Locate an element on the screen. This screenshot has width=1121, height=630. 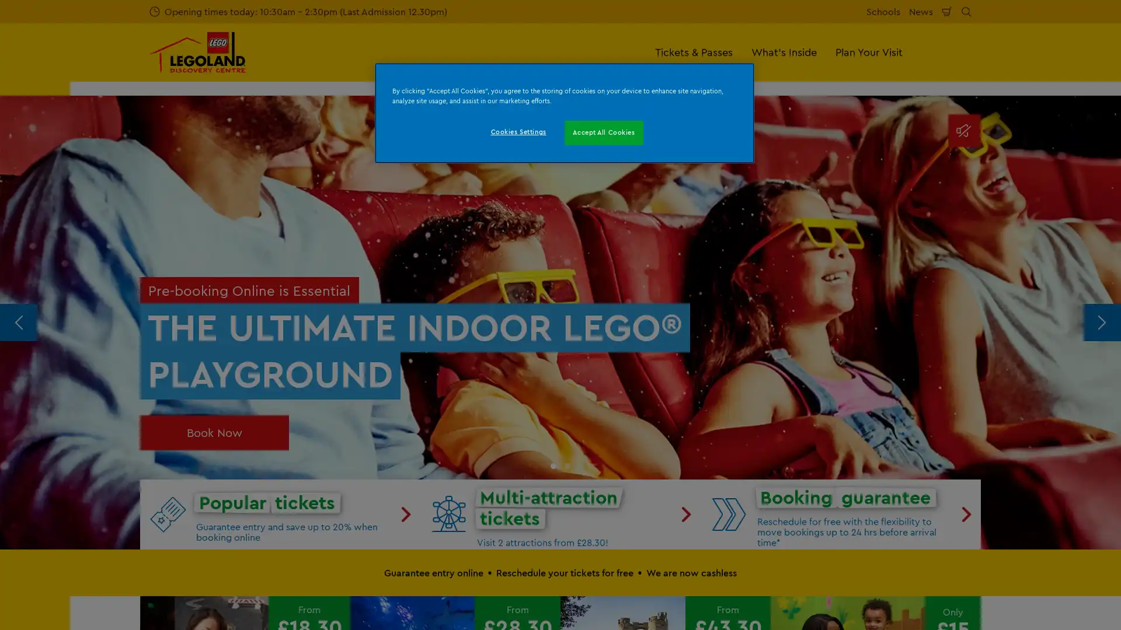
Go to slide 2 is located at coordinates (567, 465).